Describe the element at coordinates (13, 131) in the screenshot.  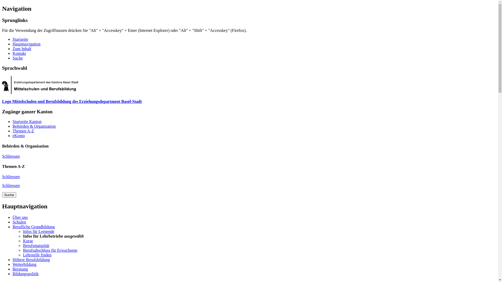
I see `'Themen A-Z'` at that location.